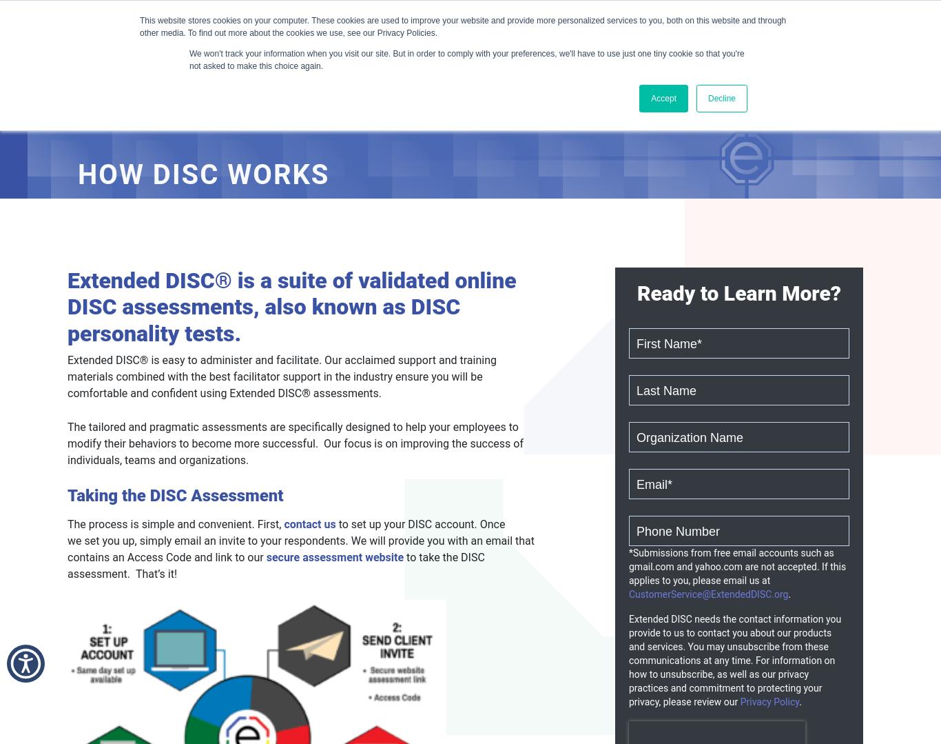  Describe the element at coordinates (774, 12) in the screenshot. I see `'Client Resource Center'` at that location.